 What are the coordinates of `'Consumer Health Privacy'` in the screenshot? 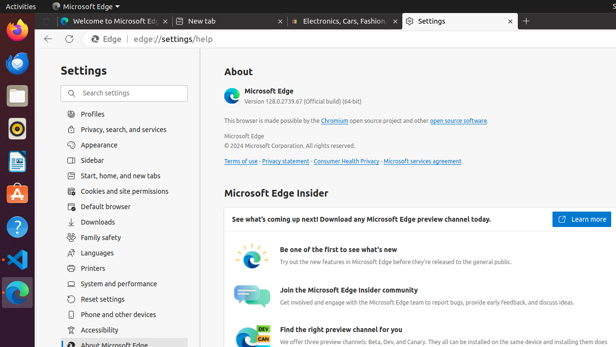 It's located at (346, 161).